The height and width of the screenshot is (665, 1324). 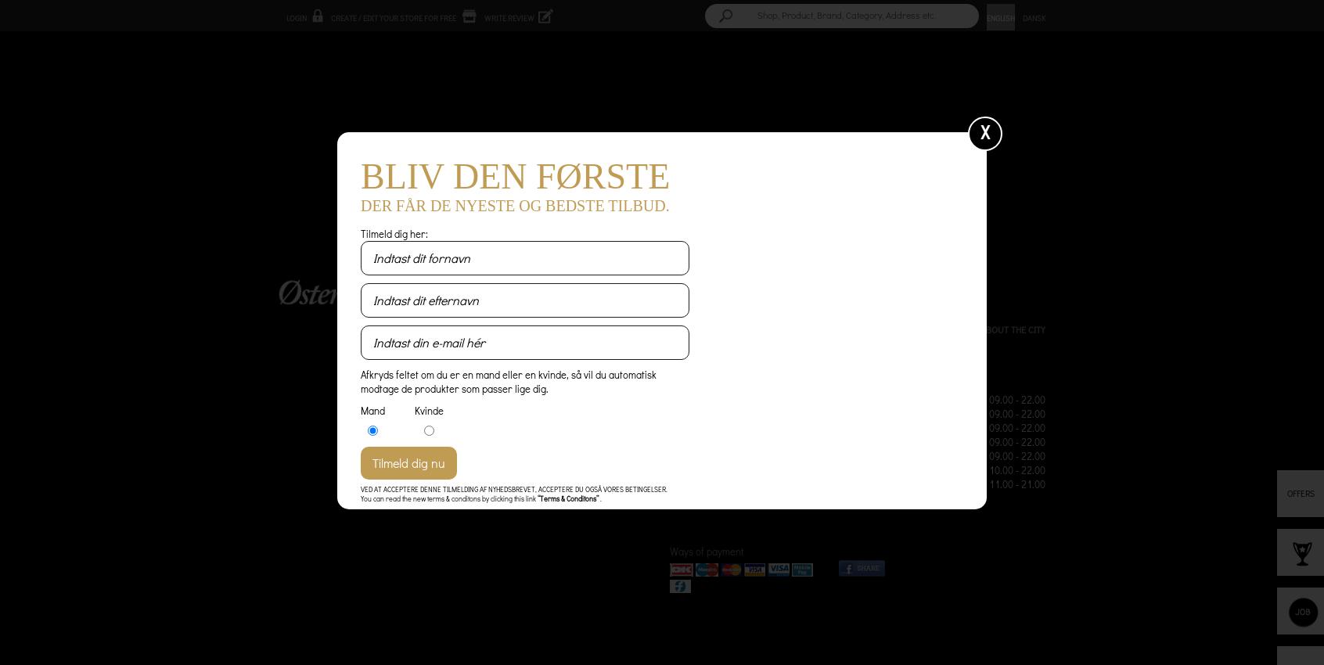 What do you see at coordinates (473, 145) in the screenshot?
I see `'The payment has been canceled.'` at bounding box center [473, 145].